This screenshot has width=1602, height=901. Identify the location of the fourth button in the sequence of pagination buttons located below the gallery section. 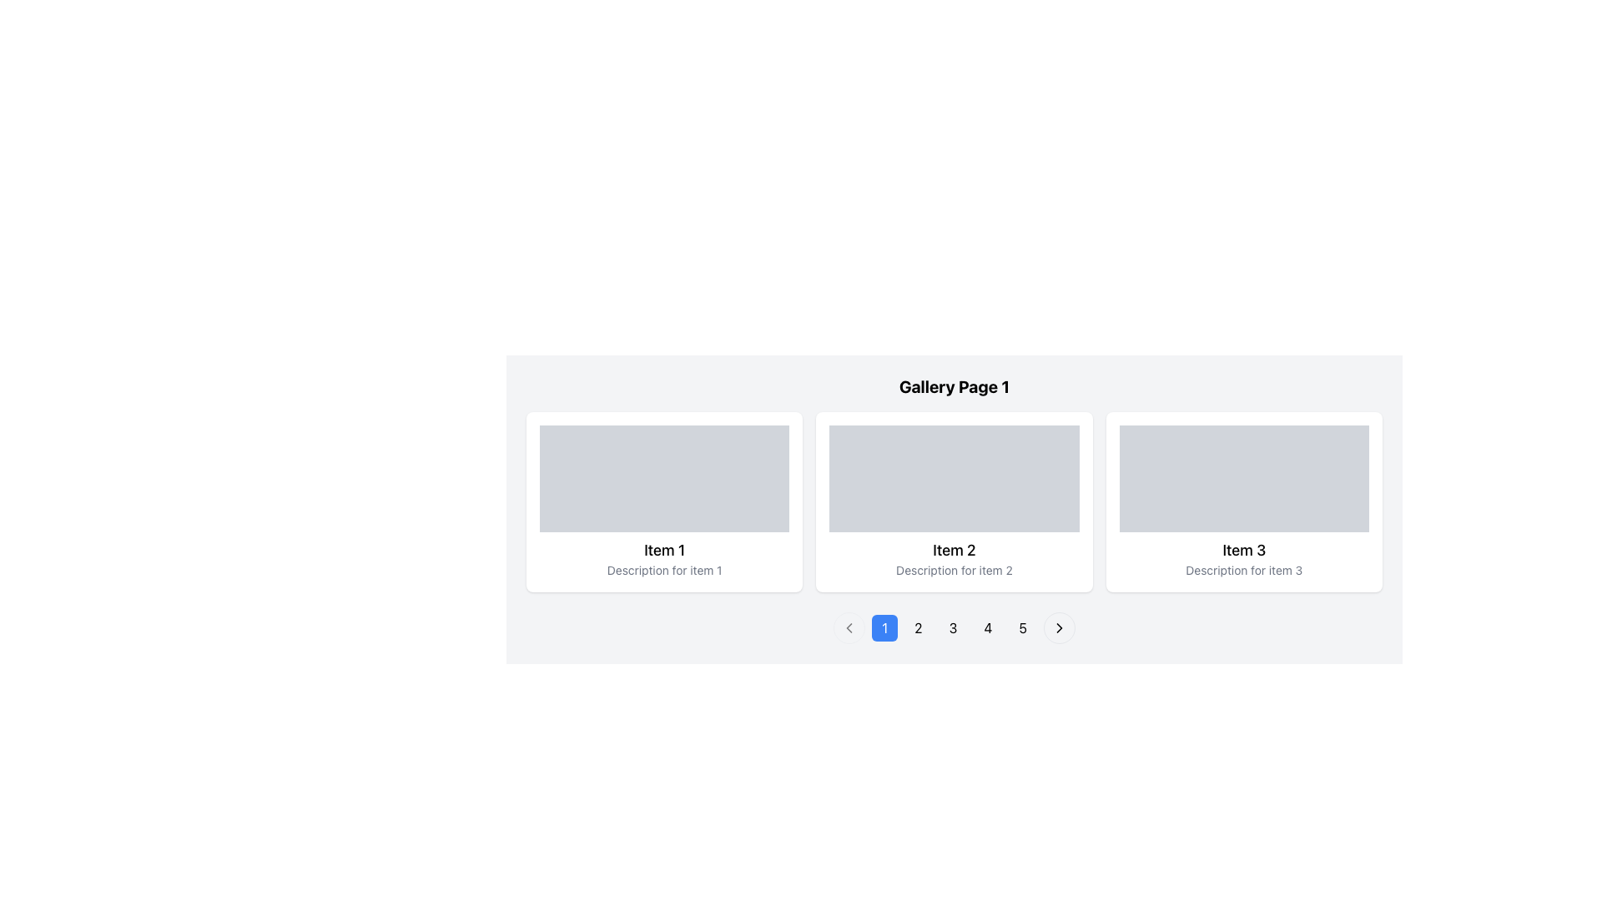
(988, 627).